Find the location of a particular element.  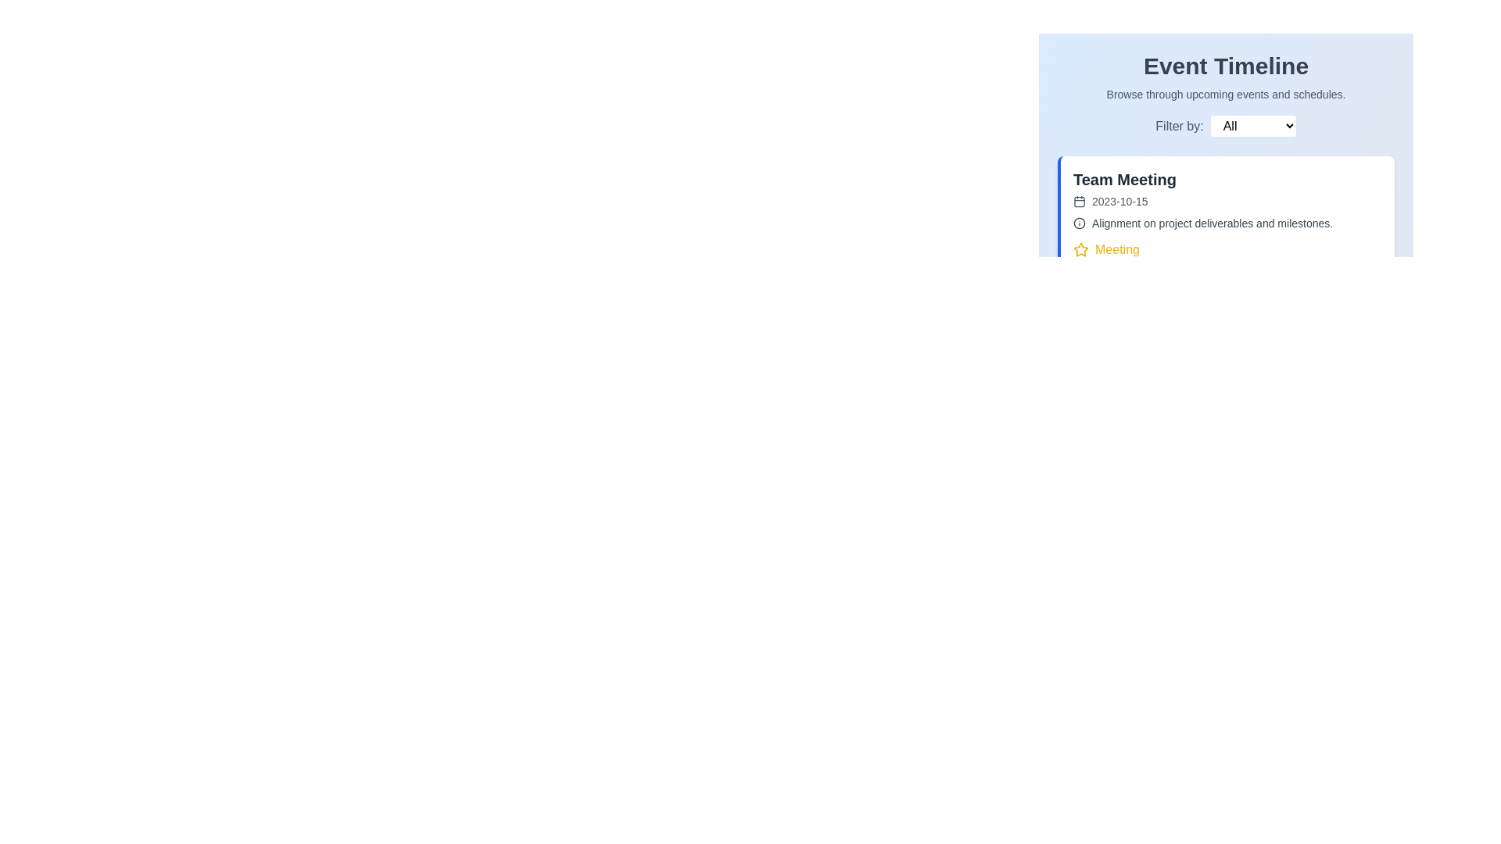

the text label reading 'Team Meeting', which is styled in bold with a larger font size, located at the top-left of a card-like structure is located at coordinates (1123, 179).